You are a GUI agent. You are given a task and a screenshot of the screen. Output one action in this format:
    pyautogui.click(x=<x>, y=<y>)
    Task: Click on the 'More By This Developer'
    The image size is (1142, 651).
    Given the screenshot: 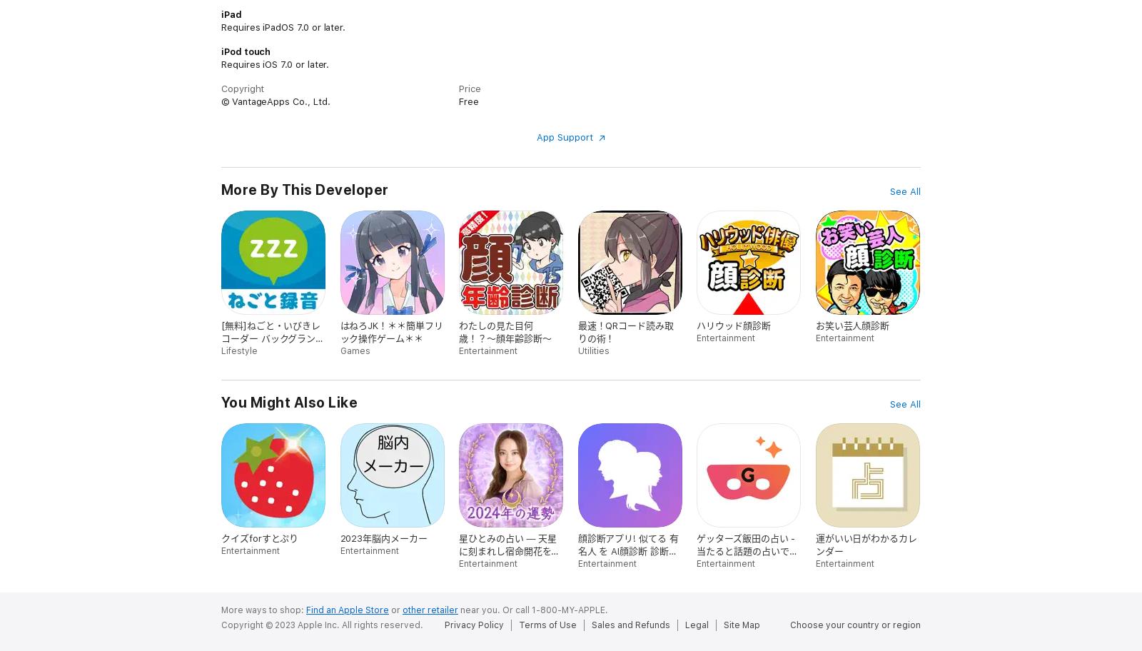 What is the action you would take?
    pyautogui.click(x=304, y=190)
    